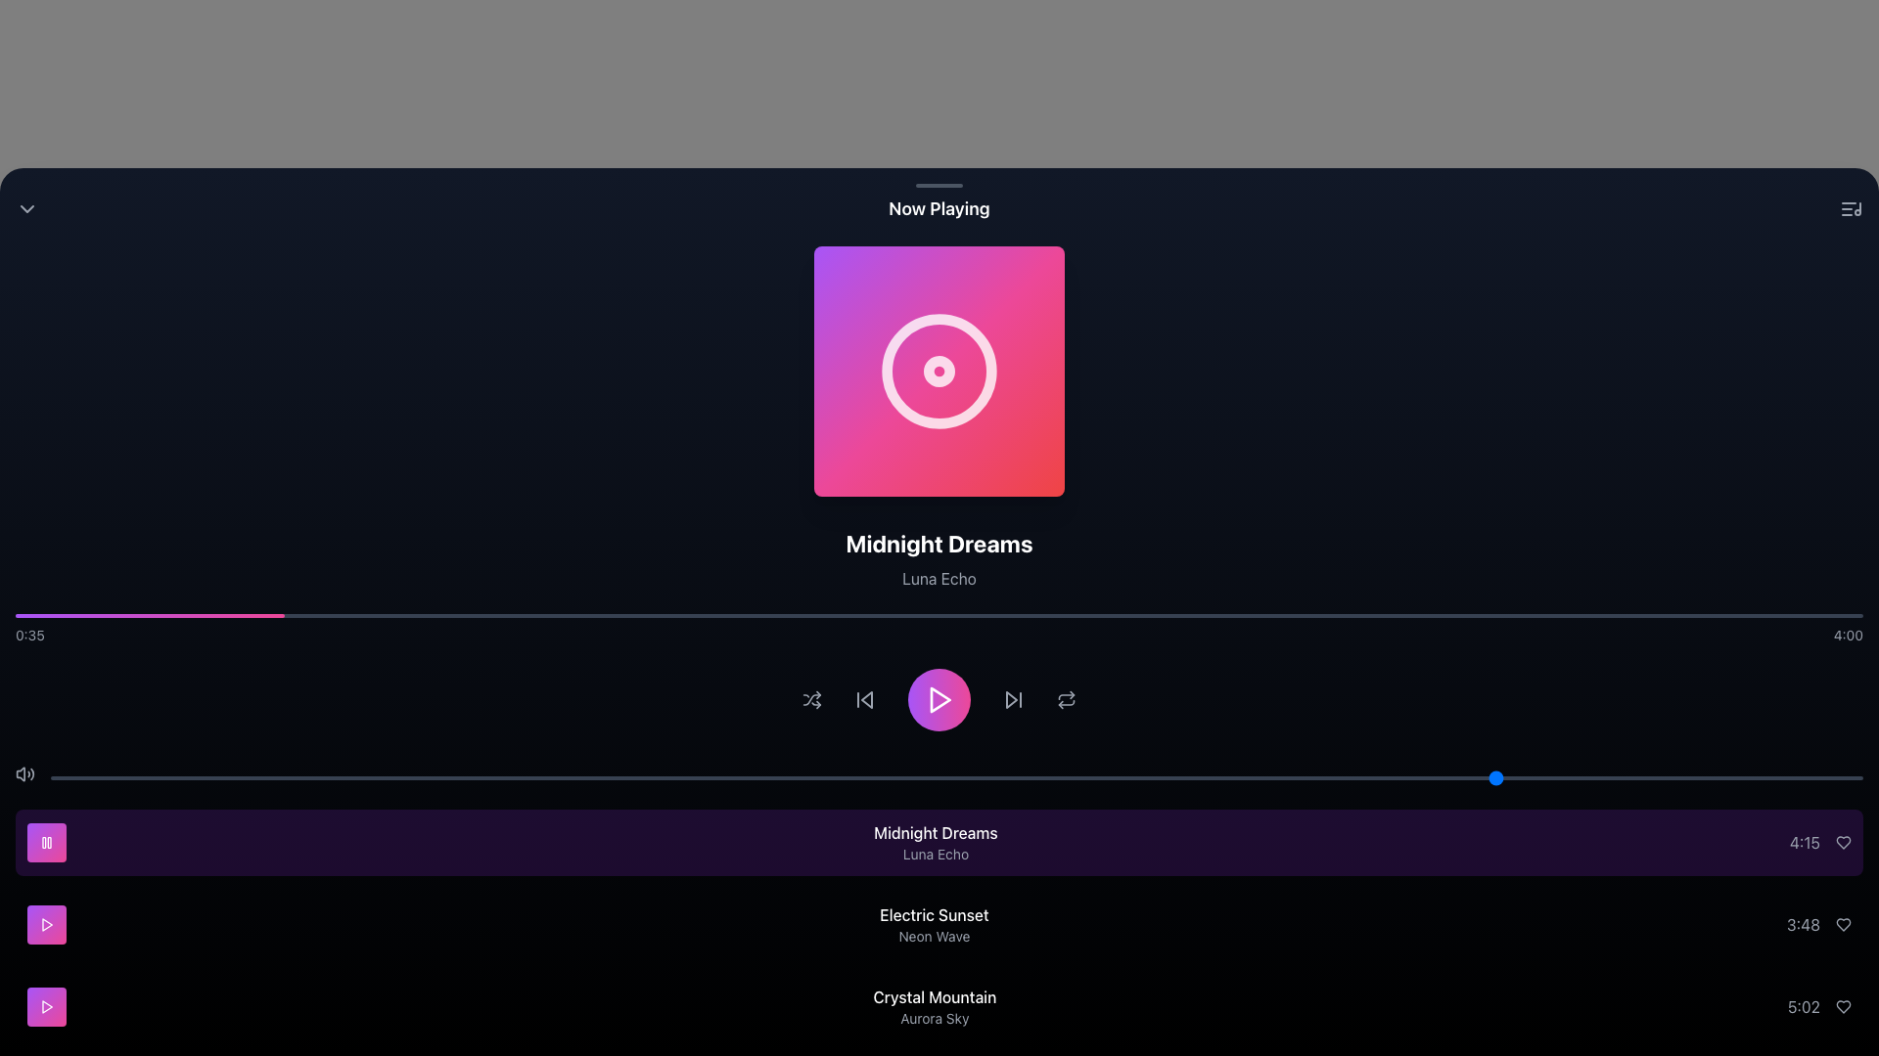 This screenshot has width=1879, height=1056. Describe the element at coordinates (1102, 776) in the screenshot. I see `the slider value` at that location.